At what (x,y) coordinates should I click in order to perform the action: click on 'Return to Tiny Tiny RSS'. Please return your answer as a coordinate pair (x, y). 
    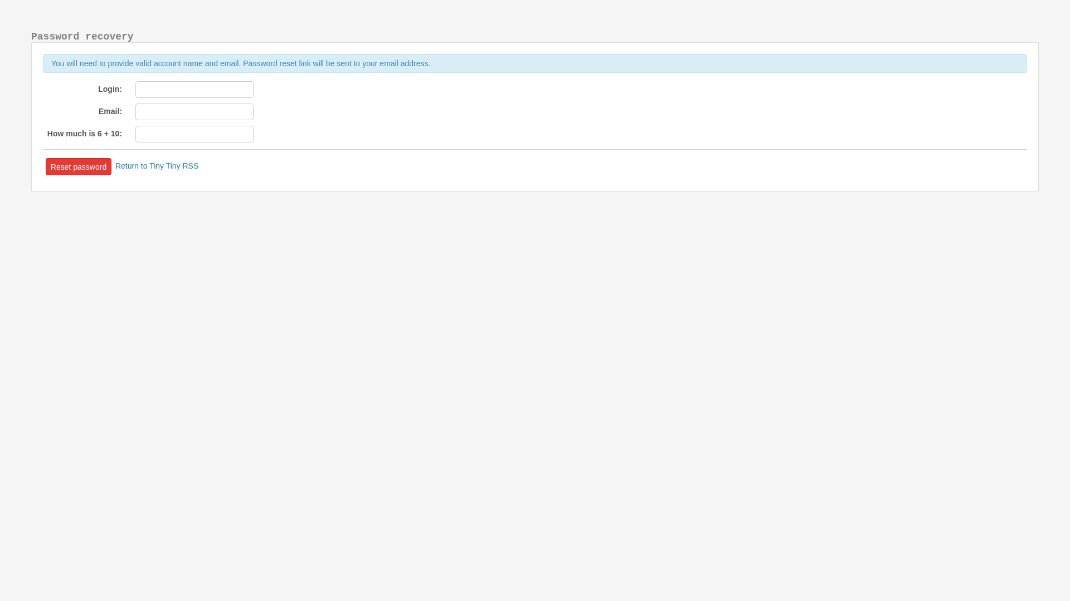
    Looking at the image, I should click on (156, 165).